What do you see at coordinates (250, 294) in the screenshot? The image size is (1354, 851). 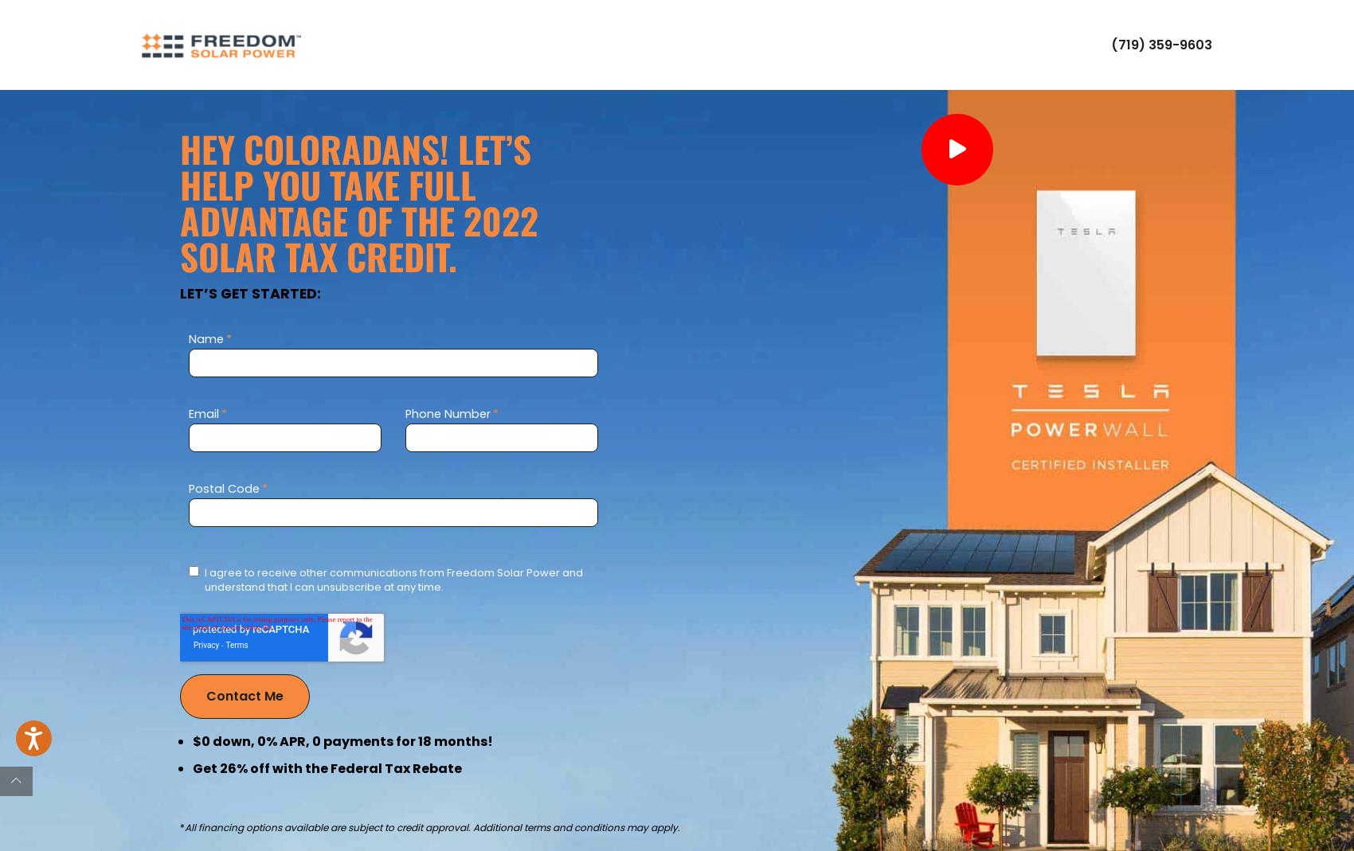 I see `'Let’s get started:'` at bounding box center [250, 294].